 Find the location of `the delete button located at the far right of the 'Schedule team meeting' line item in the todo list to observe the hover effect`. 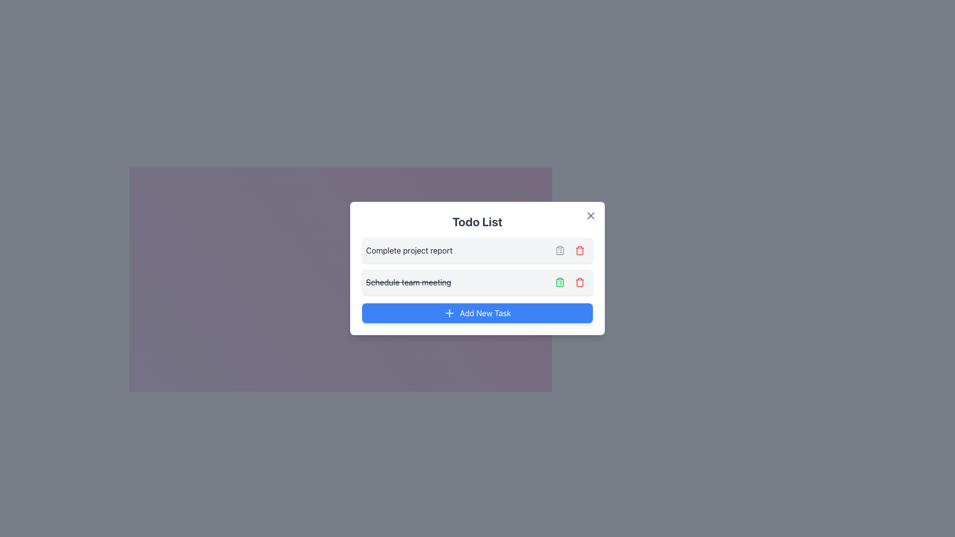

the delete button located at the far right of the 'Schedule team meeting' line item in the todo list to observe the hover effect is located at coordinates (580, 282).